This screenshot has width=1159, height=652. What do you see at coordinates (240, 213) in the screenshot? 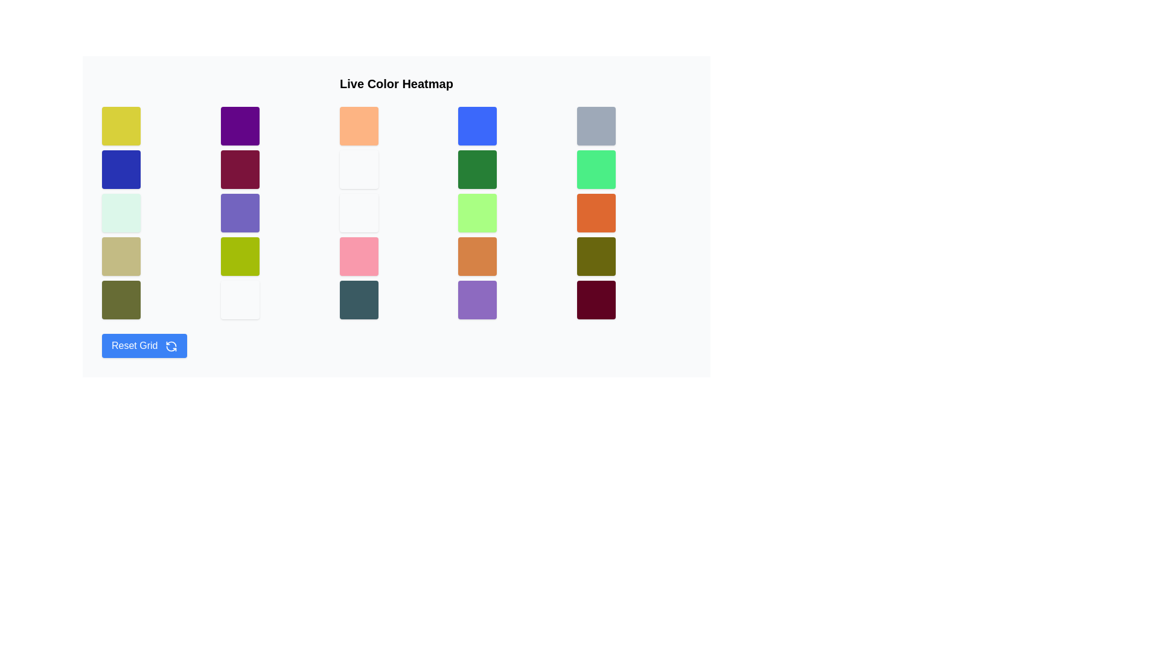
I see `the square-shaped component with a purple background located in the third column and the third row of the grid layout` at bounding box center [240, 213].